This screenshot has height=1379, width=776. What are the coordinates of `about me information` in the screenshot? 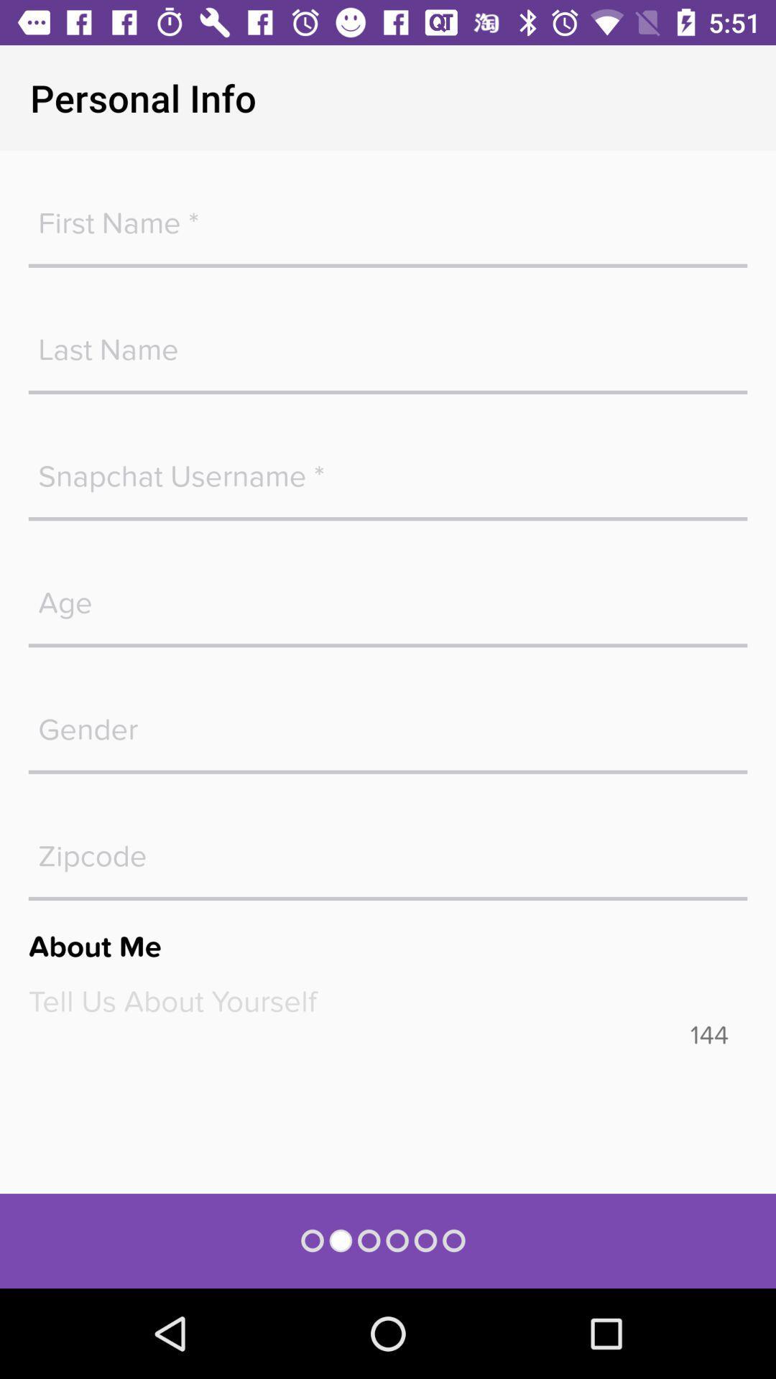 It's located at (388, 1001).